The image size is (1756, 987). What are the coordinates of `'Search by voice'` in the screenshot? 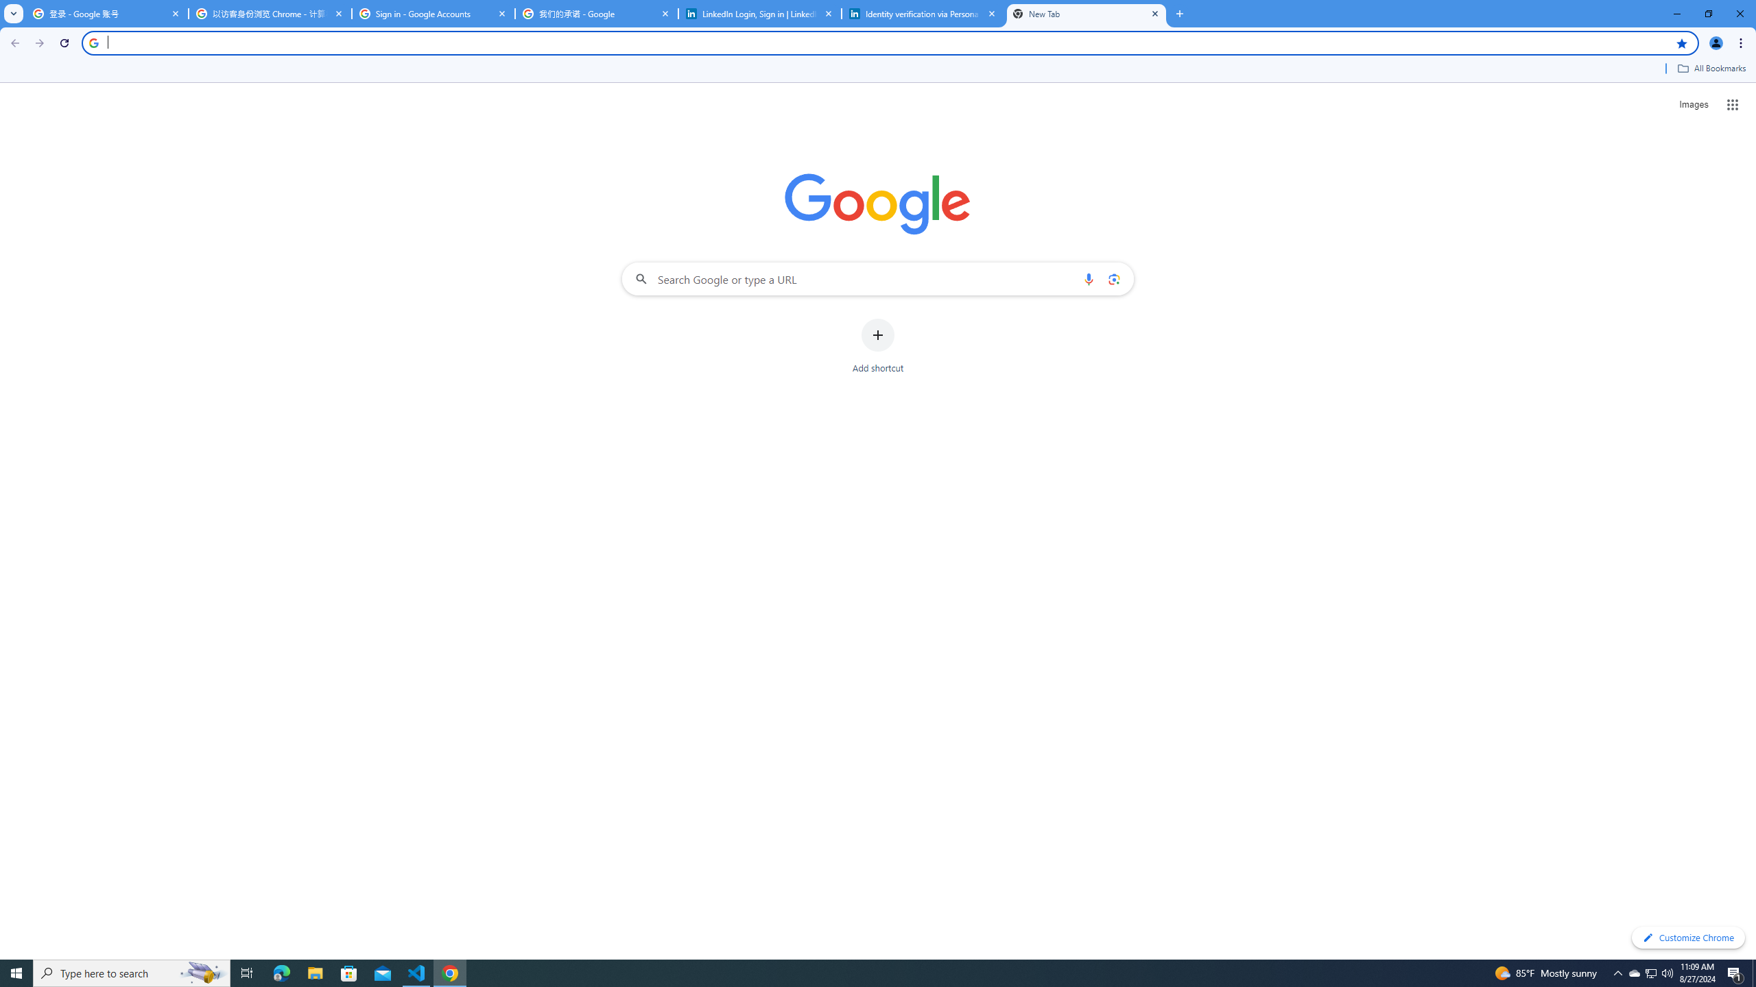 It's located at (1088, 278).